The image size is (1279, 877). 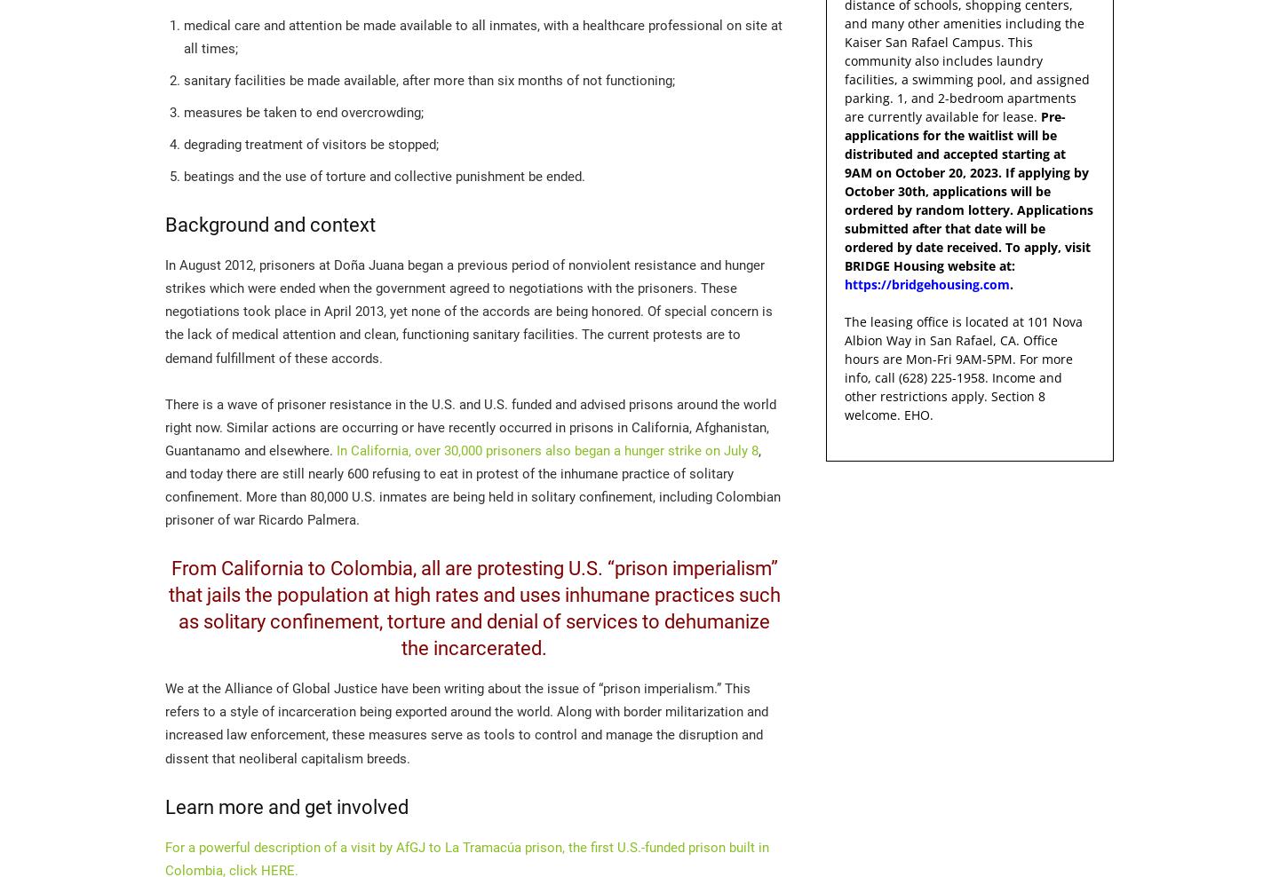 I want to click on 'sanitary facilities be made available, after more than six months of not functioning;', so click(x=428, y=80).